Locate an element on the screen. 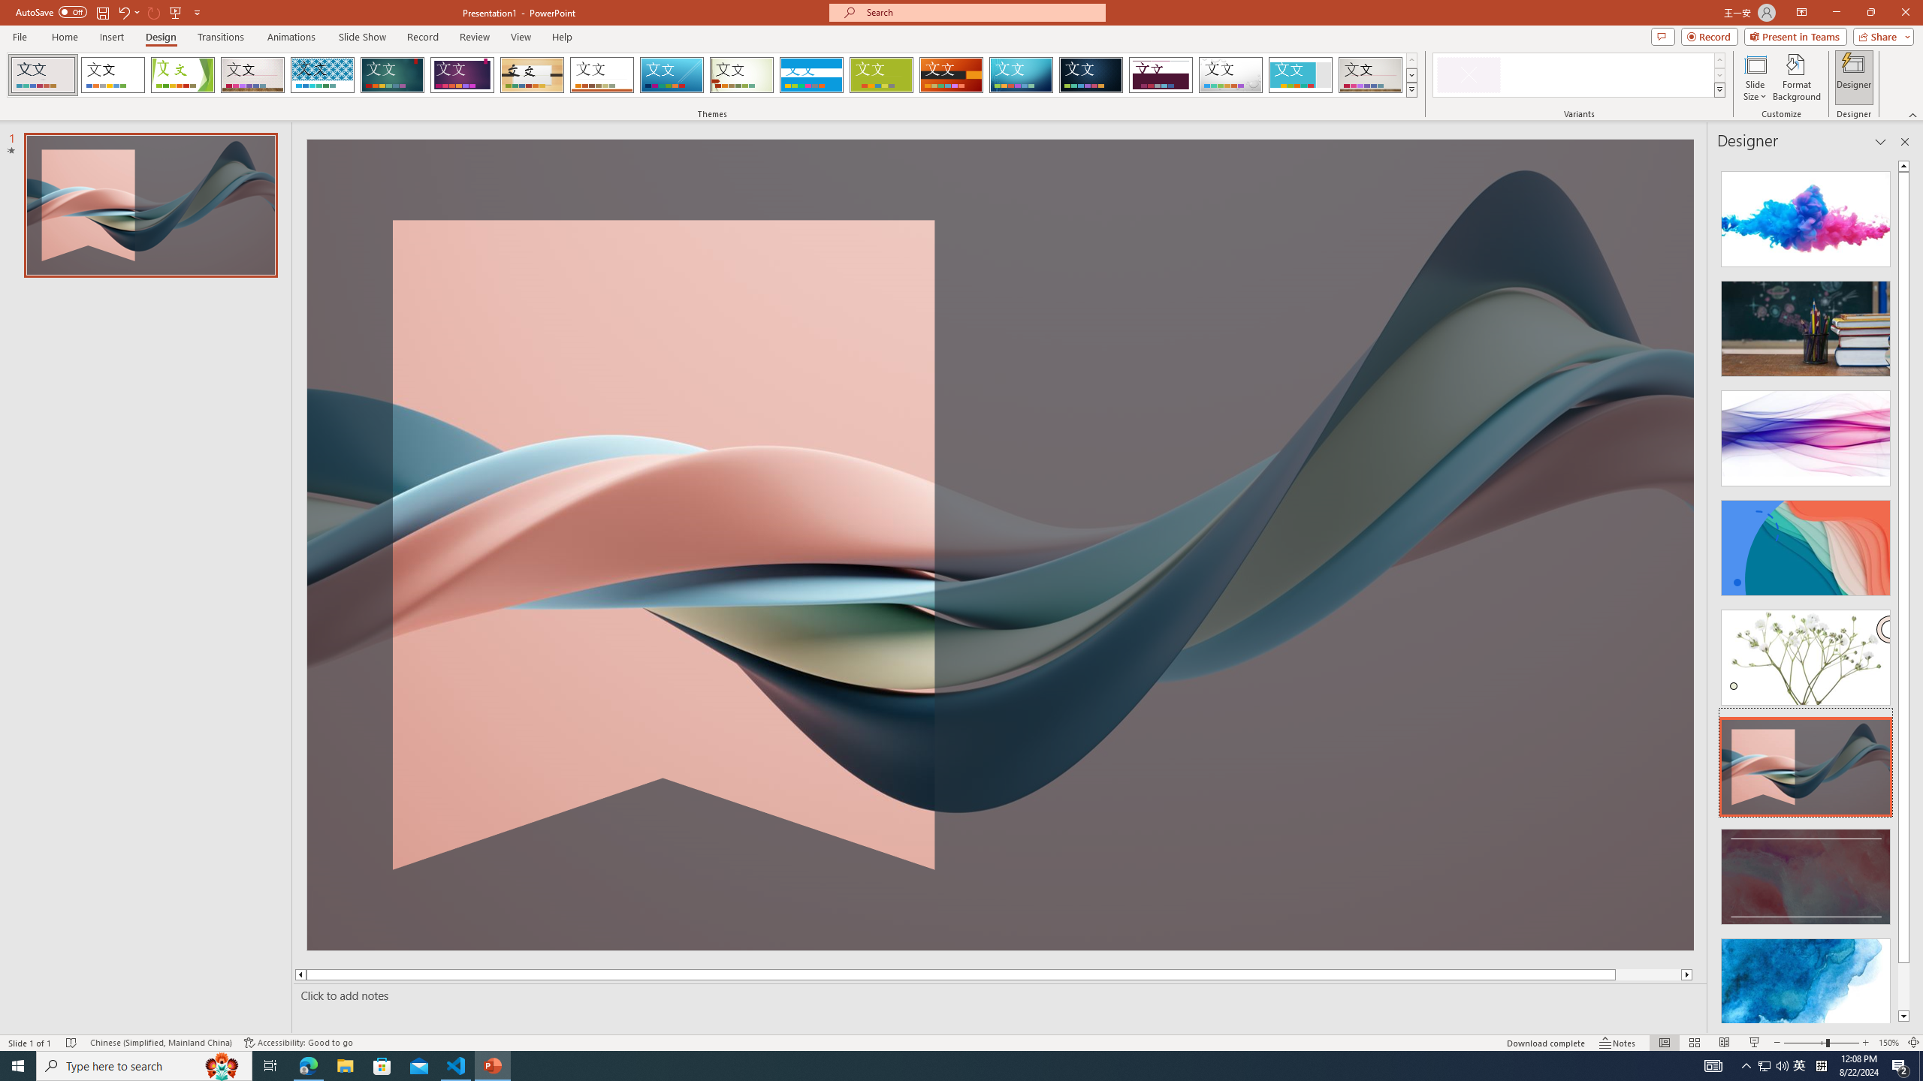  'AutomationID: SlideThemesGallery' is located at coordinates (711, 74).